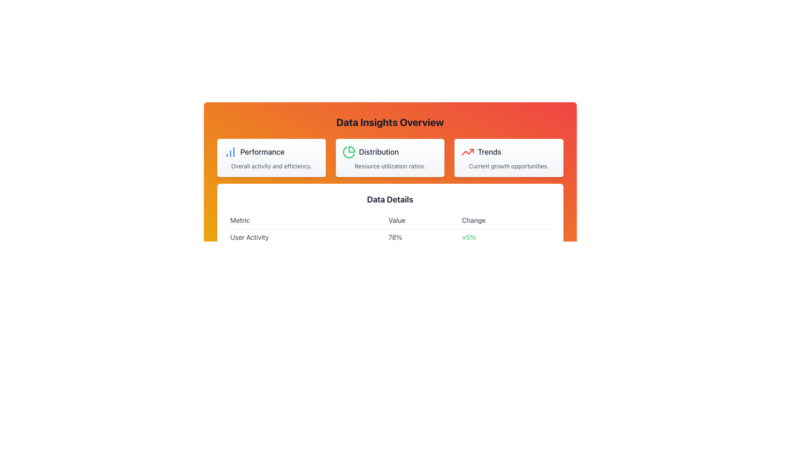 The image size is (799, 449). I want to click on the left segment of the pie chart icon in the 'Distribution' card located at the top center of the interface, so click(352, 149).